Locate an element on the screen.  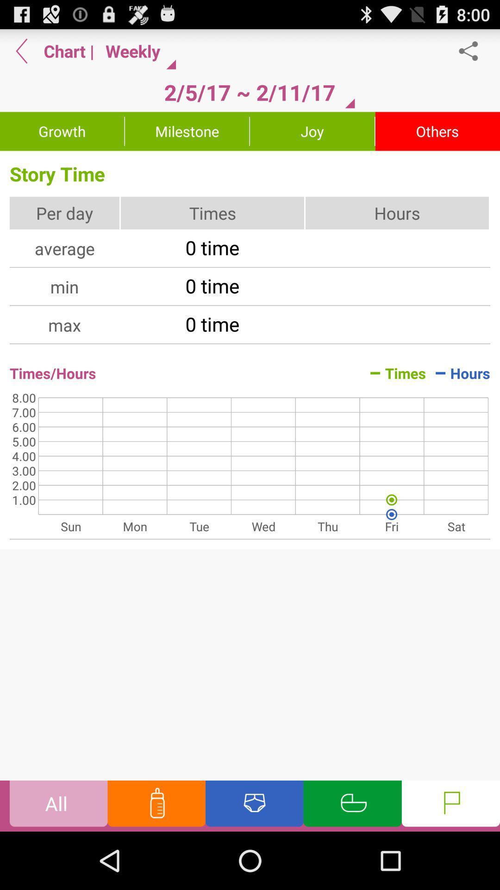
diaper change is located at coordinates (254, 805).